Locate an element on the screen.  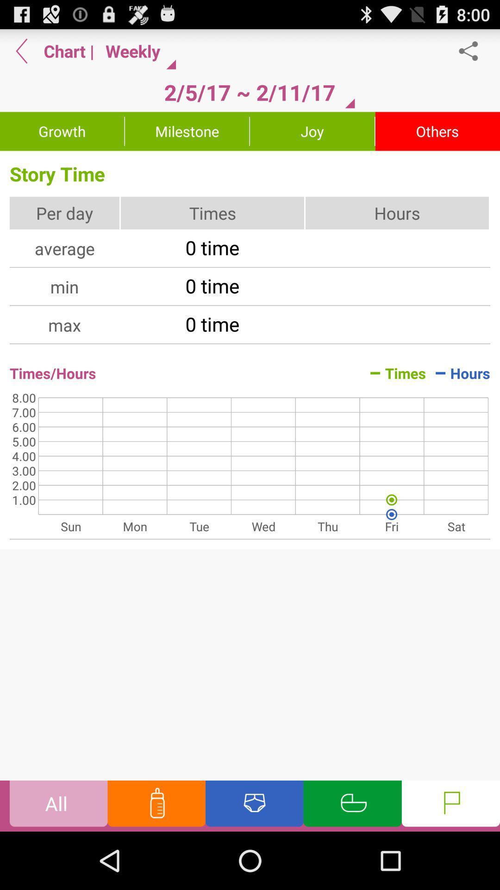
diaper change is located at coordinates (254, 805).